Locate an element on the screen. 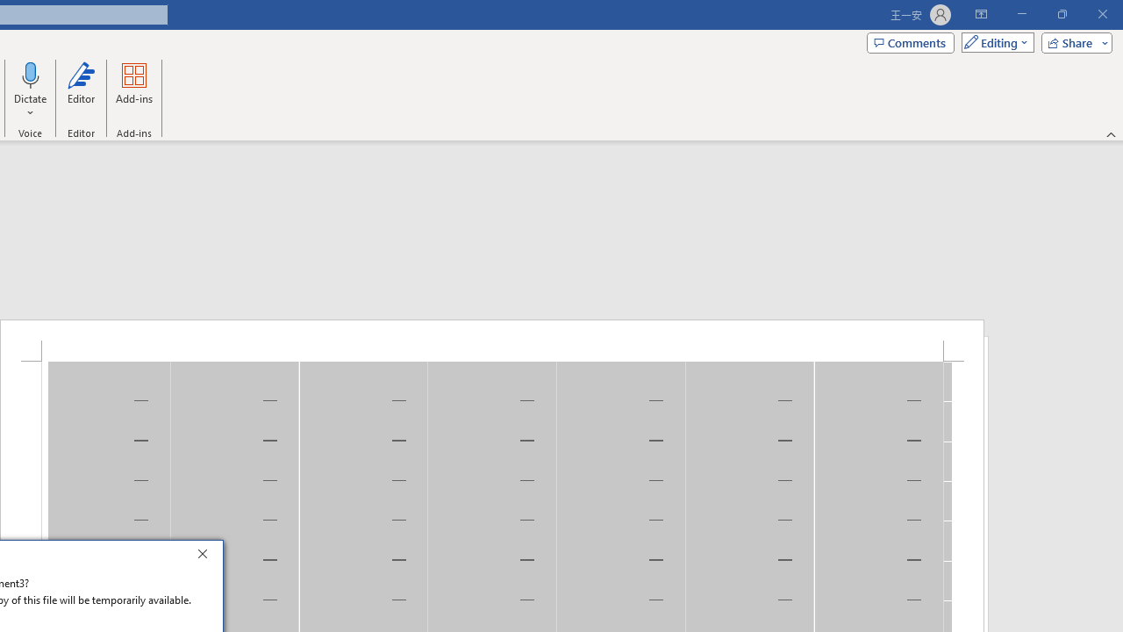  'Editor' is located at coordinates (80, 90).